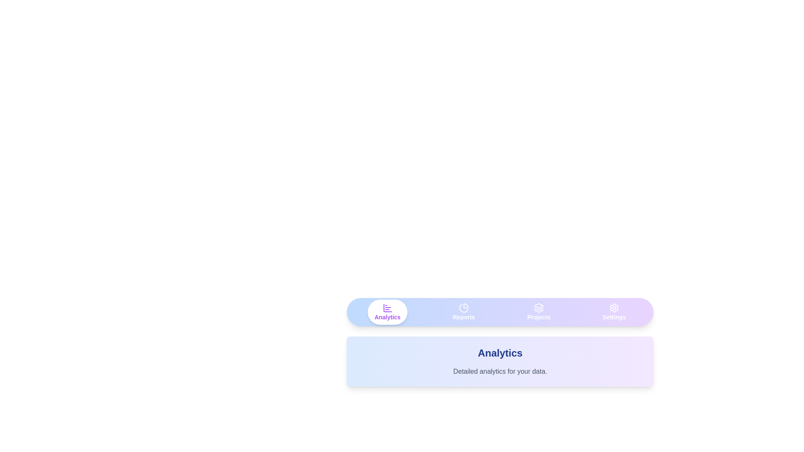 Image resolution: width=804 pixels, height=452 pixels. I want to click on the tab labeled Reports to view its content, so click(464, 312).